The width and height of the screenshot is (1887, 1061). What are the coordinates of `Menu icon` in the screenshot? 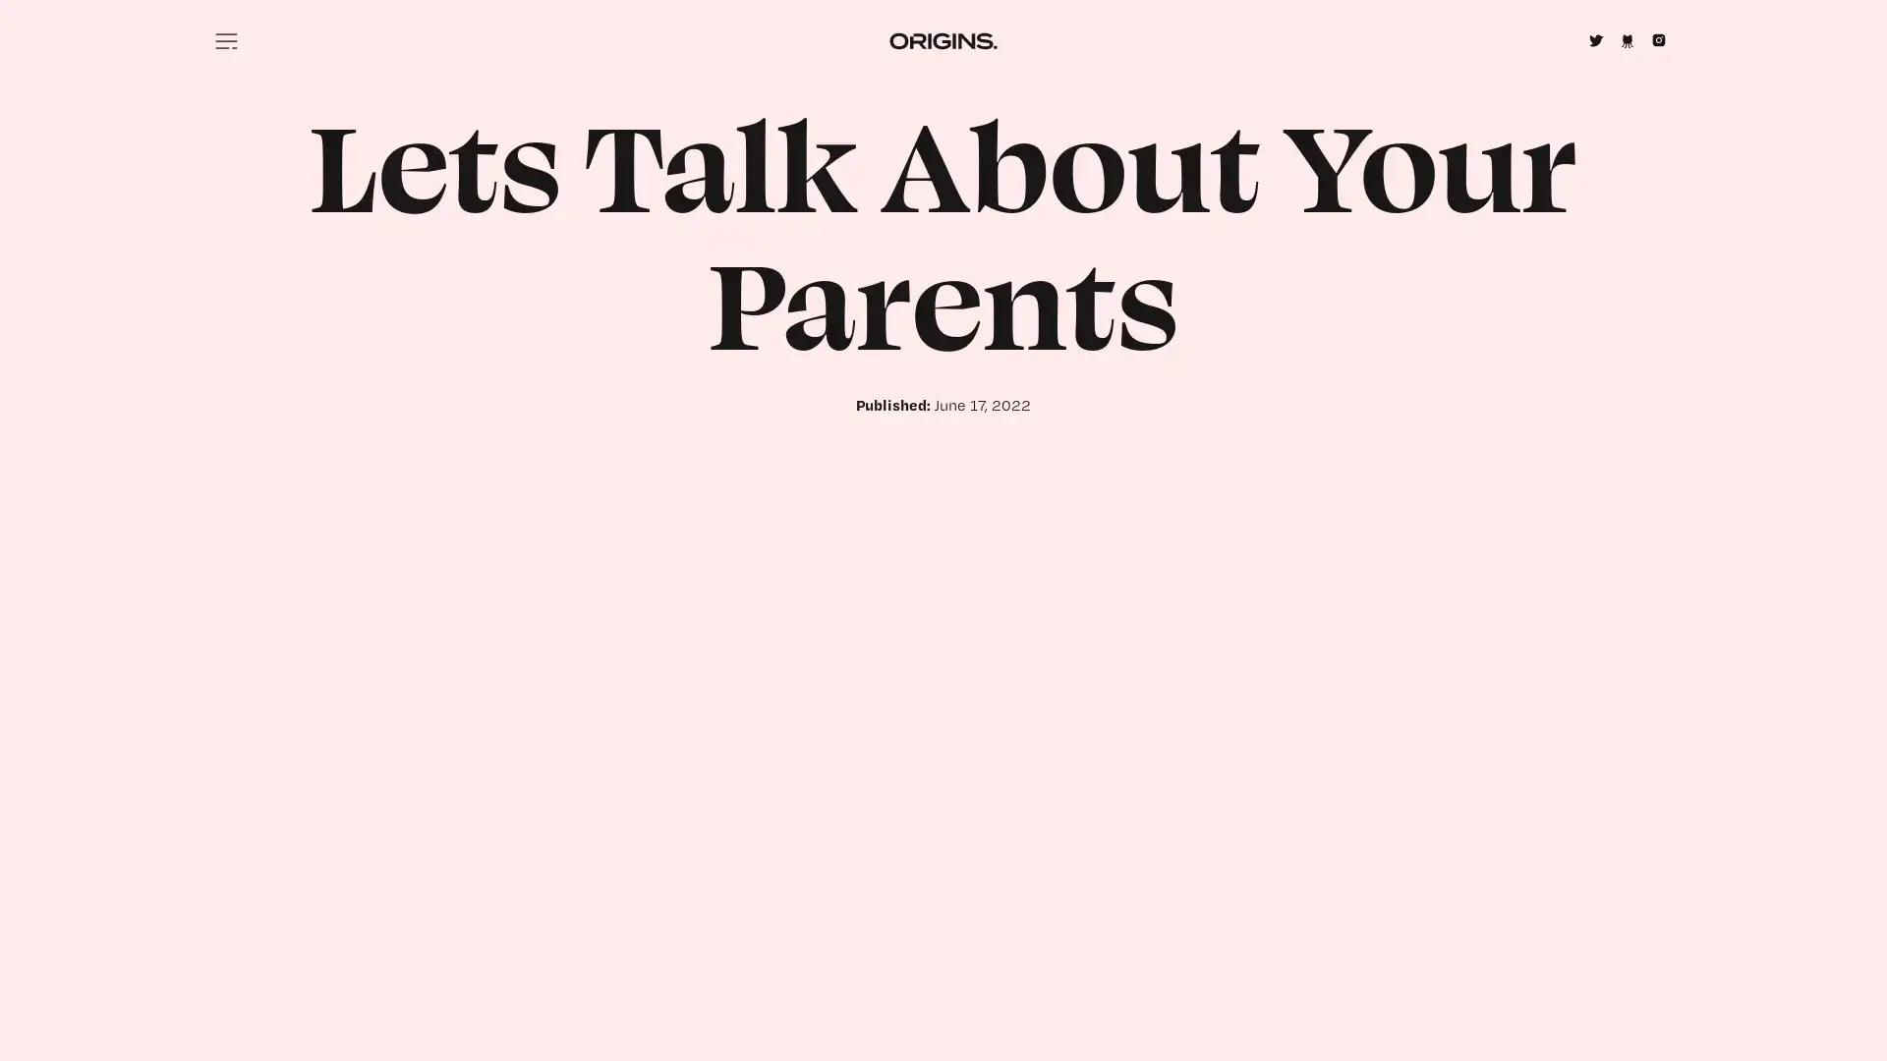 It's located at (226, 41).